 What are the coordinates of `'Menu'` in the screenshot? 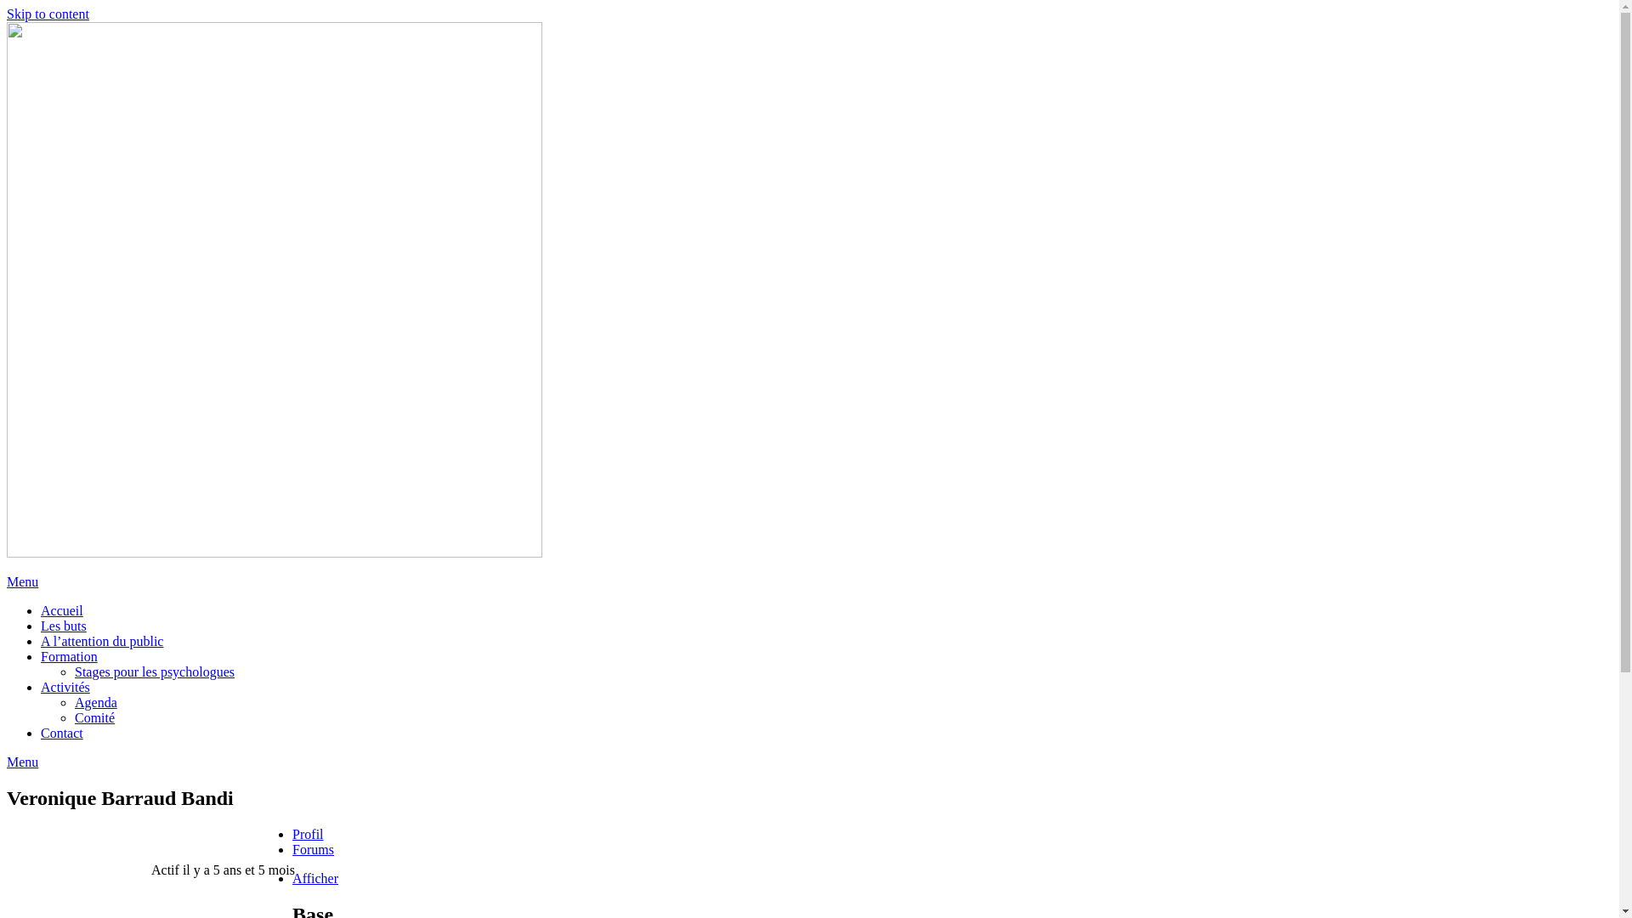 It's located at (22, 761).